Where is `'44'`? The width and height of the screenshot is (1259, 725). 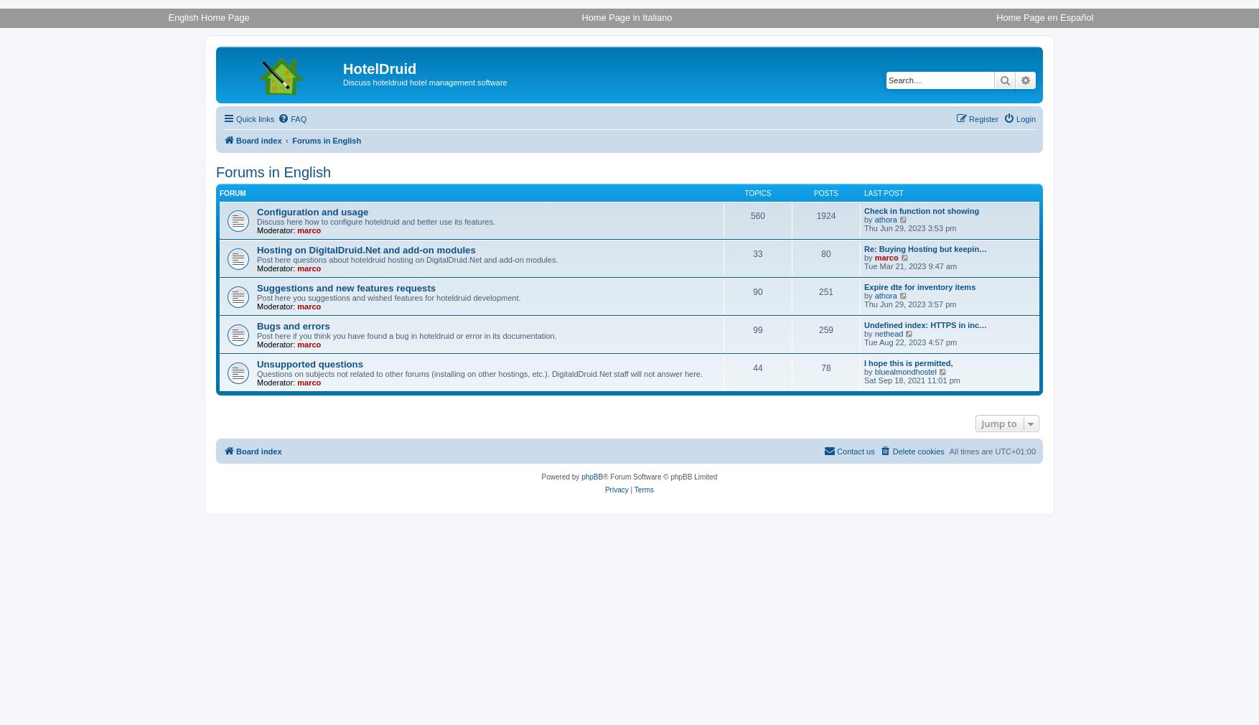
'44' is located at coordinates (757, 367).